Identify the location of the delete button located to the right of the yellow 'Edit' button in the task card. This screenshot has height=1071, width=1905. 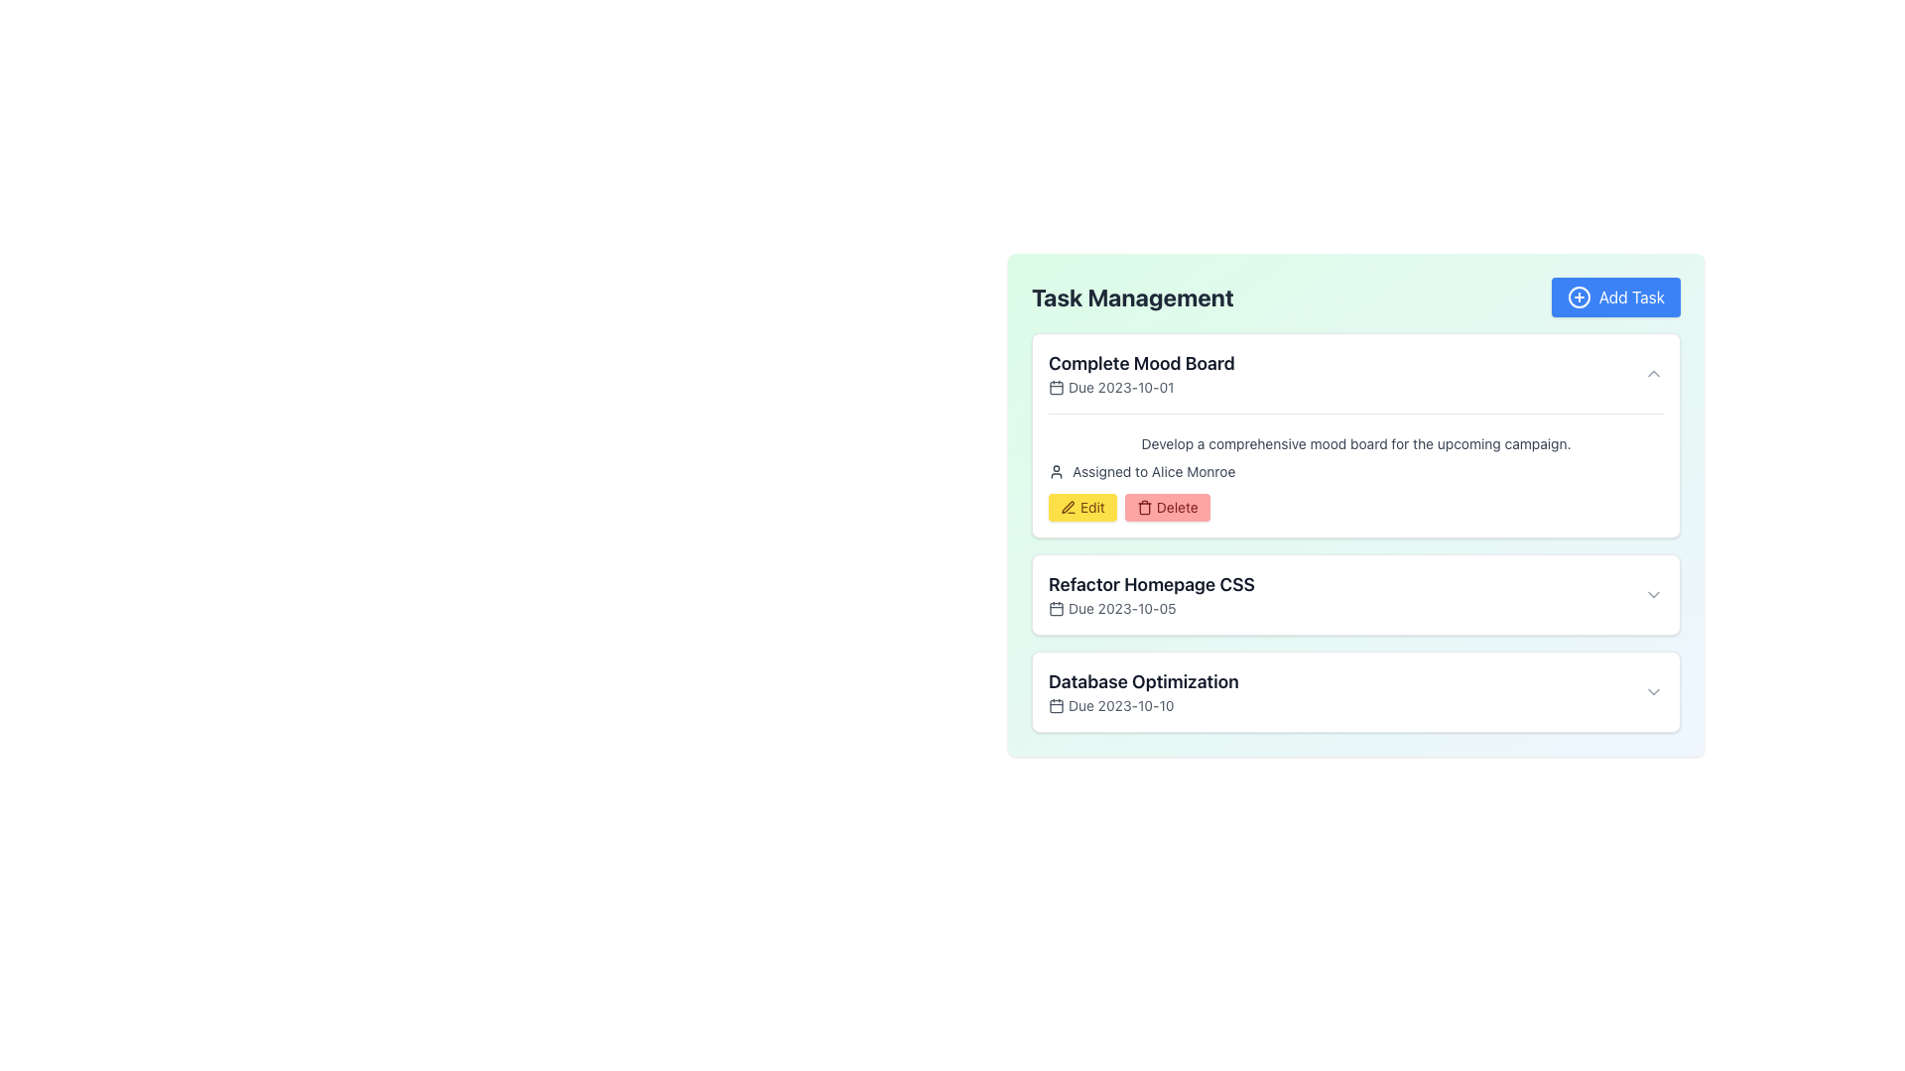
(1167, 507).